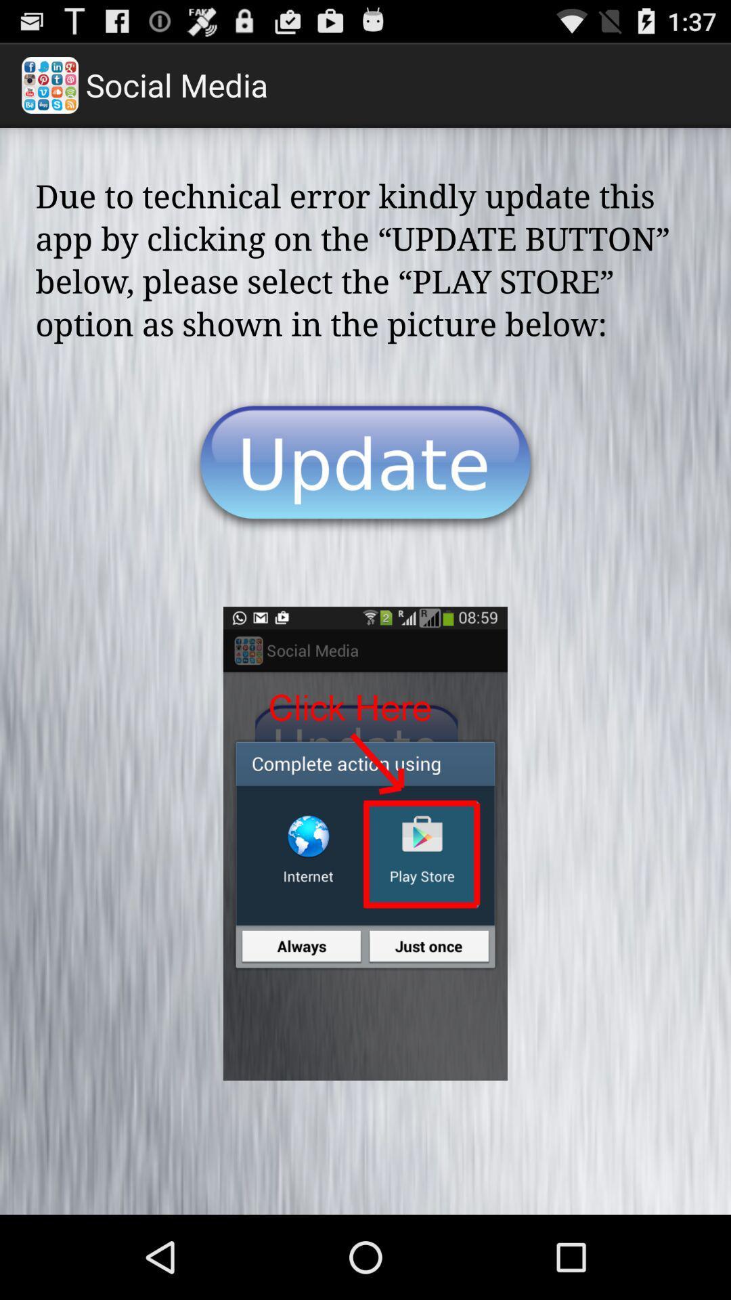 The width and height of the screenshot is (731, 1300). What do you see at coordinates (365, 467) in the screenshot?
I see `app` at bounding box center [365, 467].